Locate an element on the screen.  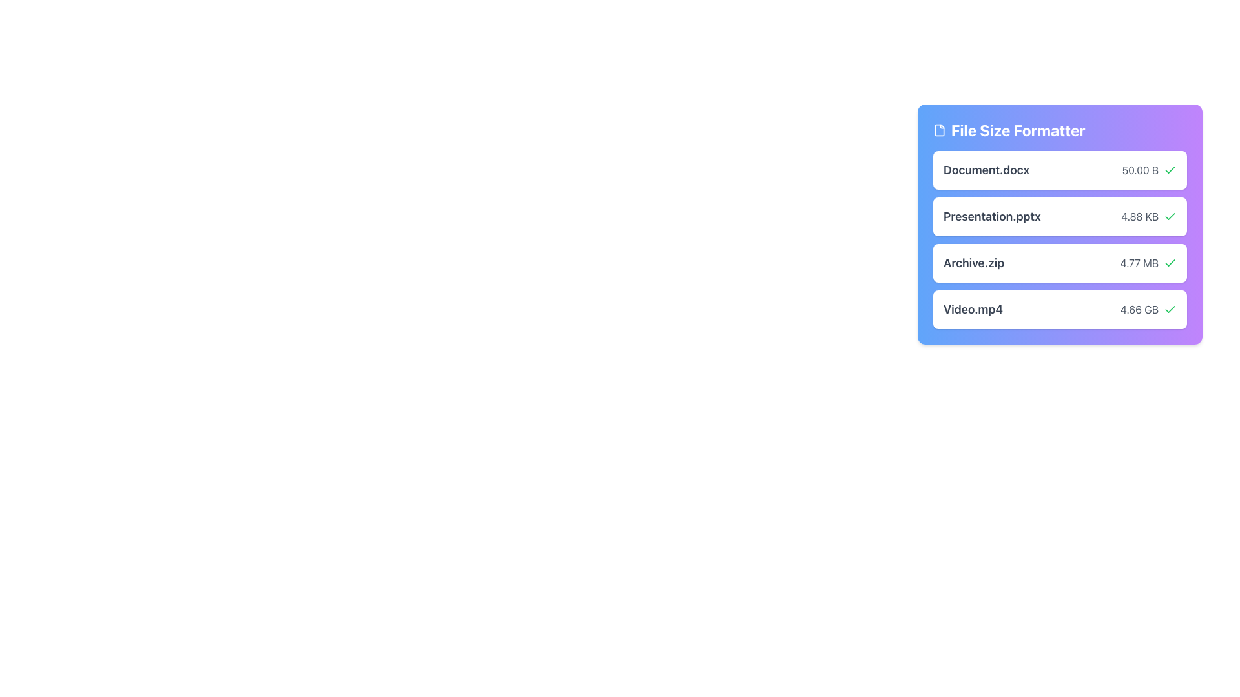
displayed content of the text label showing '4.77 MB', which is adjacent to 'Archive.zip' and a green check icon is located at coordinates (1148, 263).